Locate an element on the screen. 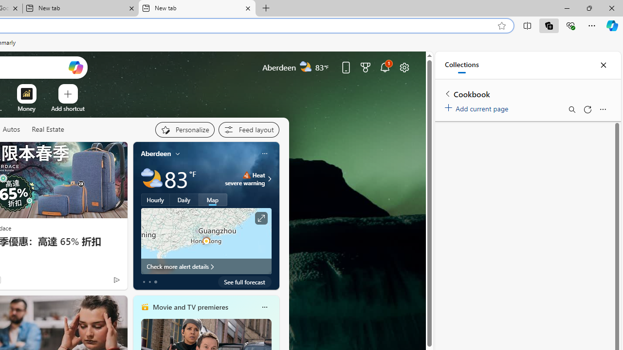  'Class: weather-arrow-glyph' is located at coordinates (270, 178).